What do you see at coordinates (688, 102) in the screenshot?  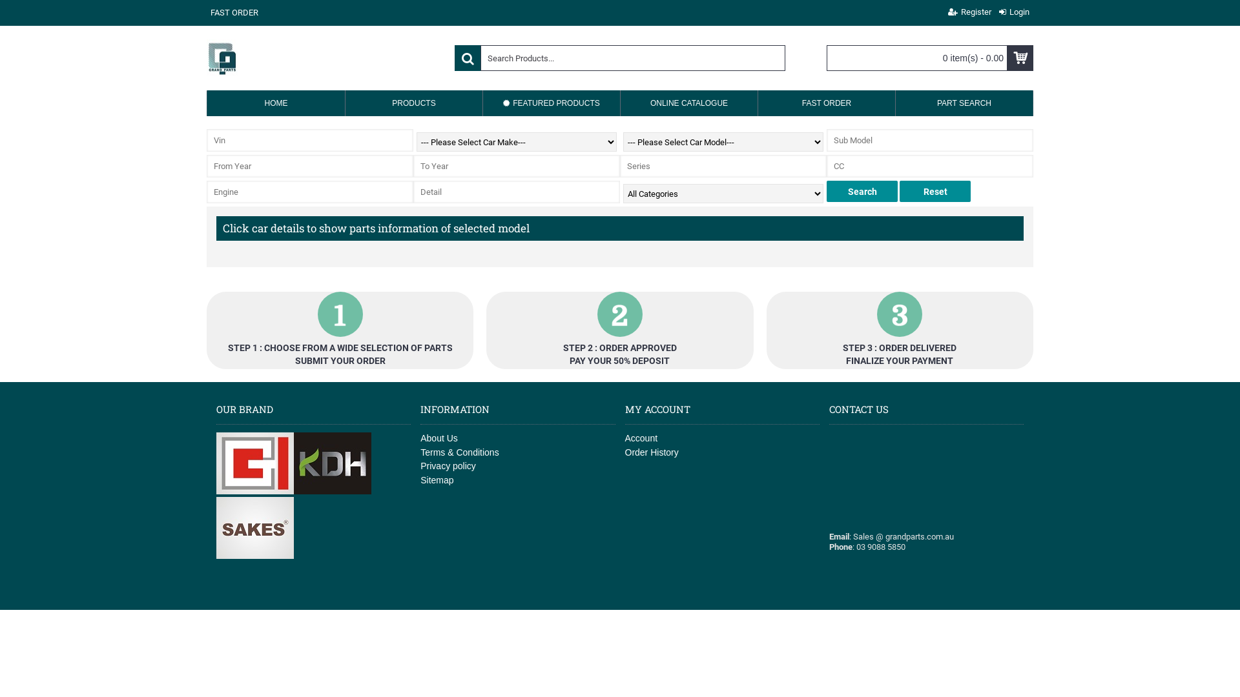 I see `'ONLINE CATALOGUE'` at bounding box center [688, 102].